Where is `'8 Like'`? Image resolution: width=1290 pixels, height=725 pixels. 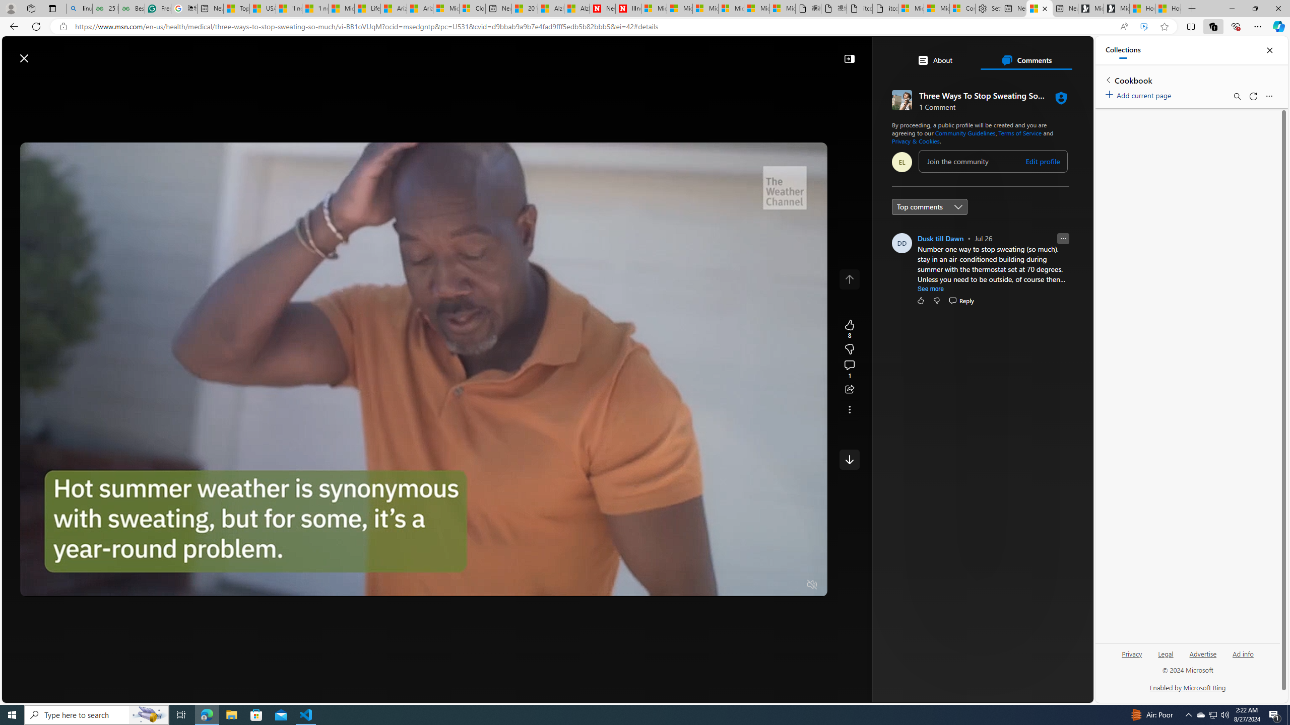 '8 Like' is located at coordinates (849, 328).